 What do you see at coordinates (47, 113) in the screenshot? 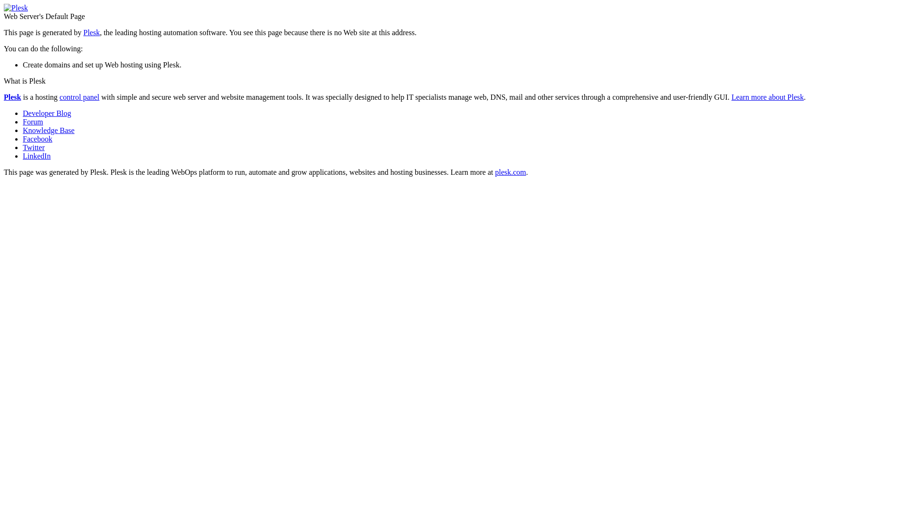
I see `'Developer Blog'` at bounding box center [47, 113].